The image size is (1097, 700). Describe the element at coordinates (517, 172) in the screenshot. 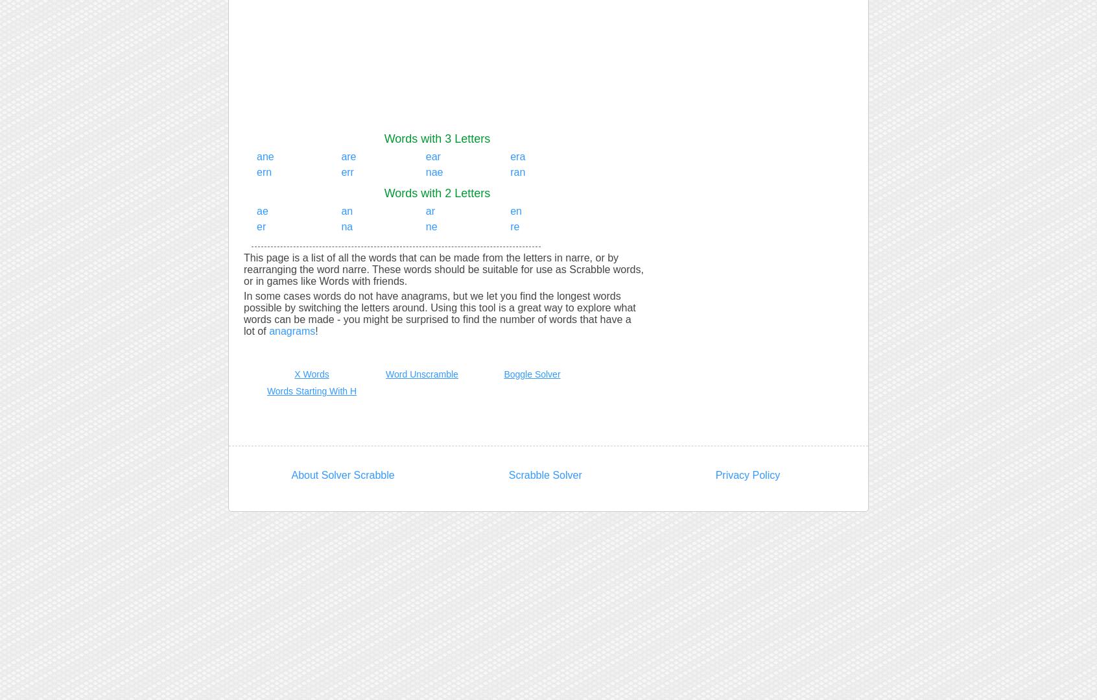

I see `'ran'` at that location.